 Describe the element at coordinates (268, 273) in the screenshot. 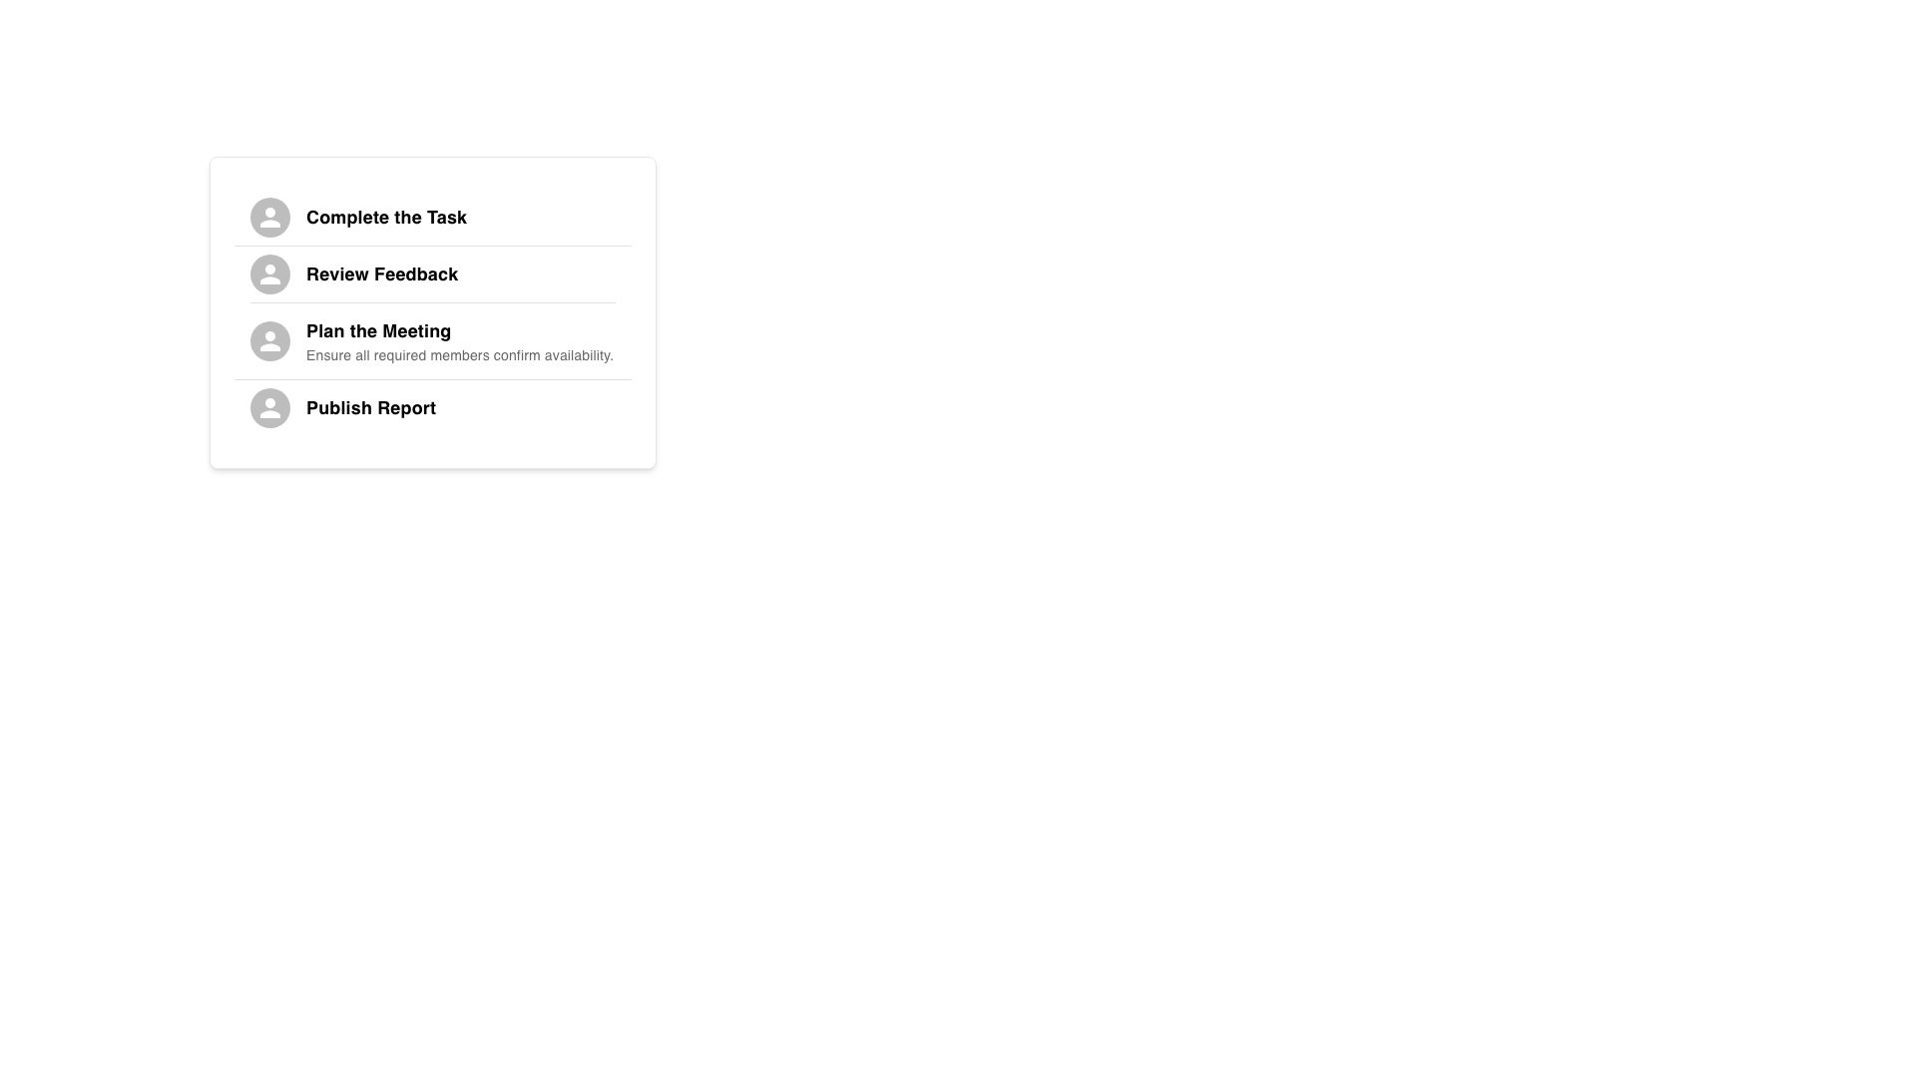

I see `the circular avatar element with a green background and a white person icon, which is located to the immediate left of the 'Review Feedback' text` at that location.